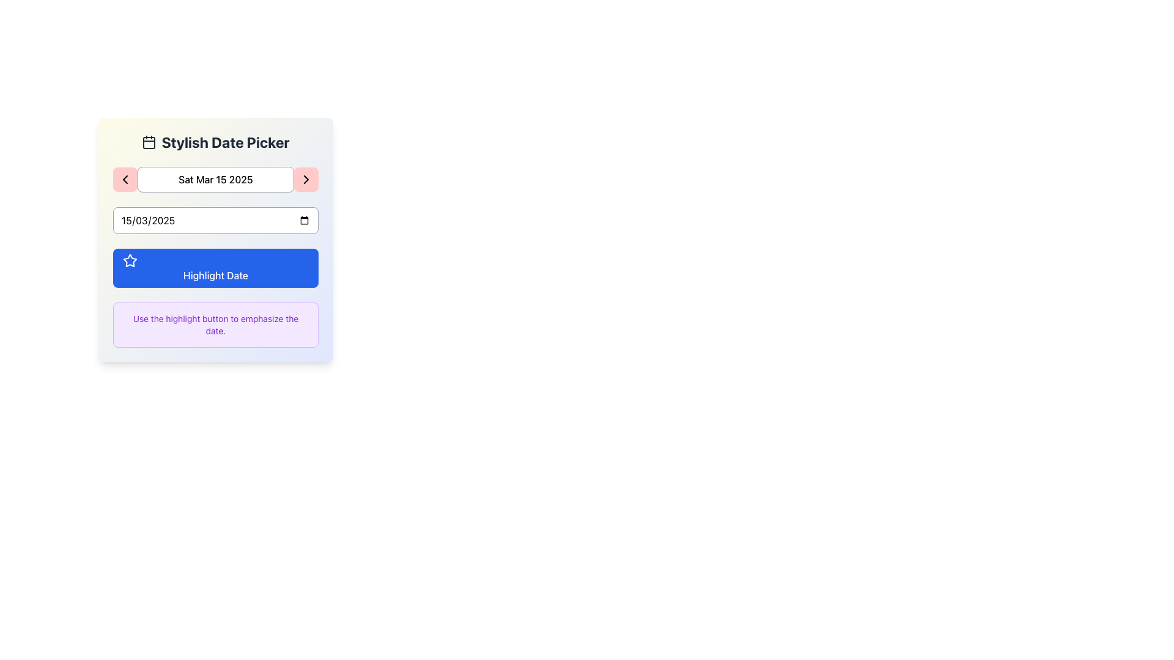 The height and width of the screenshot is (660, 1174). What do you see at coordinates (306, 179) in the screenshot?
I see `the right-pointing chevron button located at the center-right of the date display ('Sat Mar 15 2025')` at bounding box center [306, 179].